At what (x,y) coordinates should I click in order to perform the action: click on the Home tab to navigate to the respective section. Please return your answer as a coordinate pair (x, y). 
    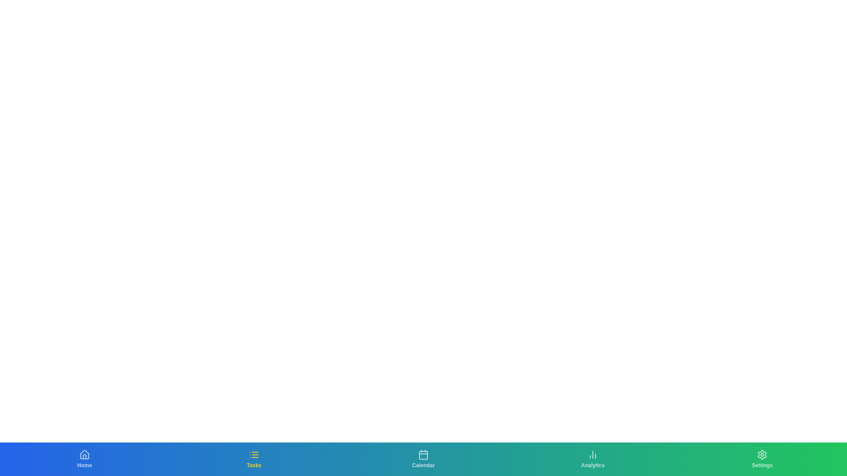
    Looking at the image, I should click on (85, 458).